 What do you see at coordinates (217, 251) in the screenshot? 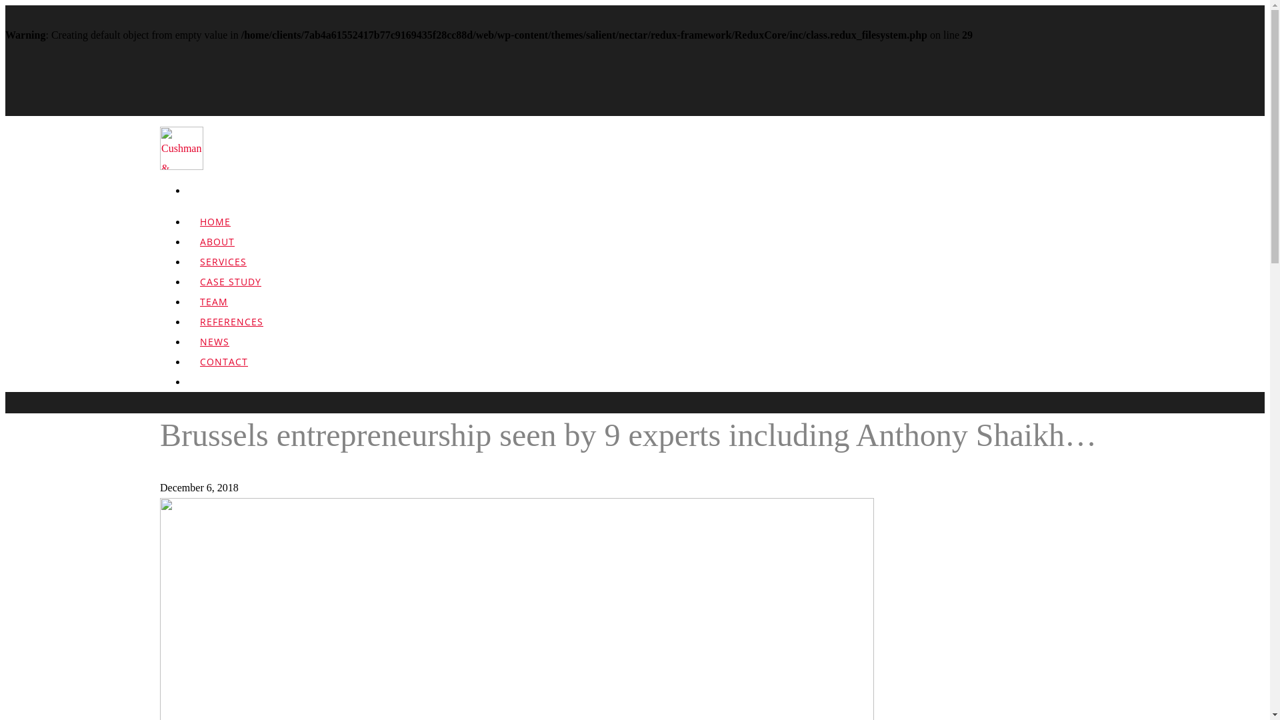
I see `'ABOUT'` at bounding box center [217, 251].